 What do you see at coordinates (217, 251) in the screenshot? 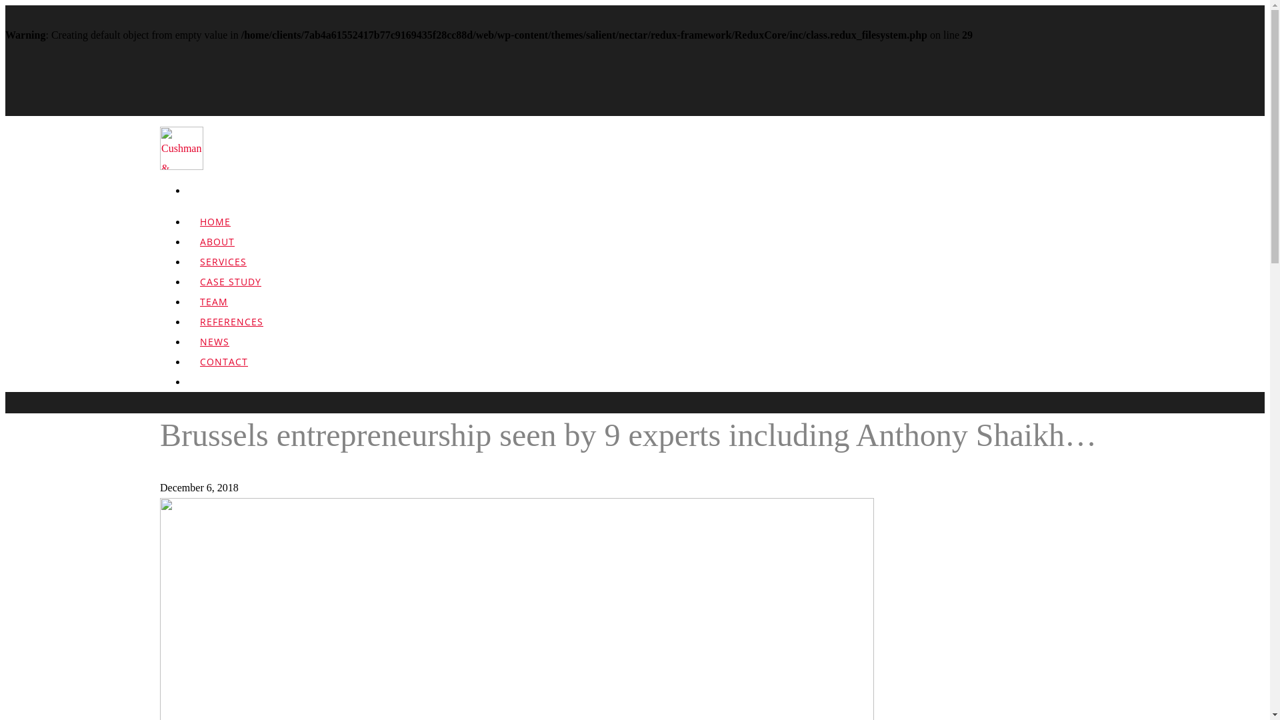
I see `'ABOUT'` at bounding box center [217, 251].